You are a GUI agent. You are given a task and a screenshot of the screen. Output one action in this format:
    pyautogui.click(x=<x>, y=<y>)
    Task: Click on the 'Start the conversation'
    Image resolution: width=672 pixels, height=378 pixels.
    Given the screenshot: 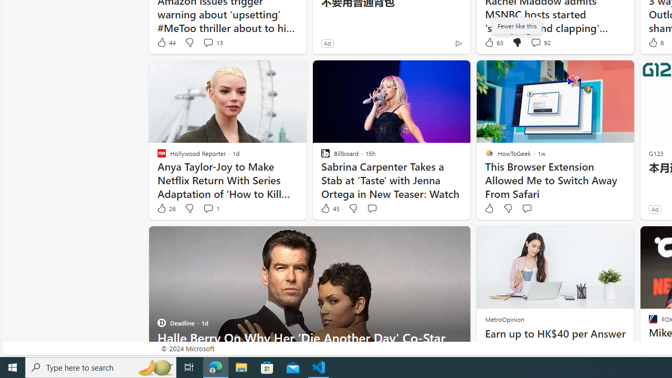 What is the action you would take?
    pyautogui.click(x=527, y=208)
    